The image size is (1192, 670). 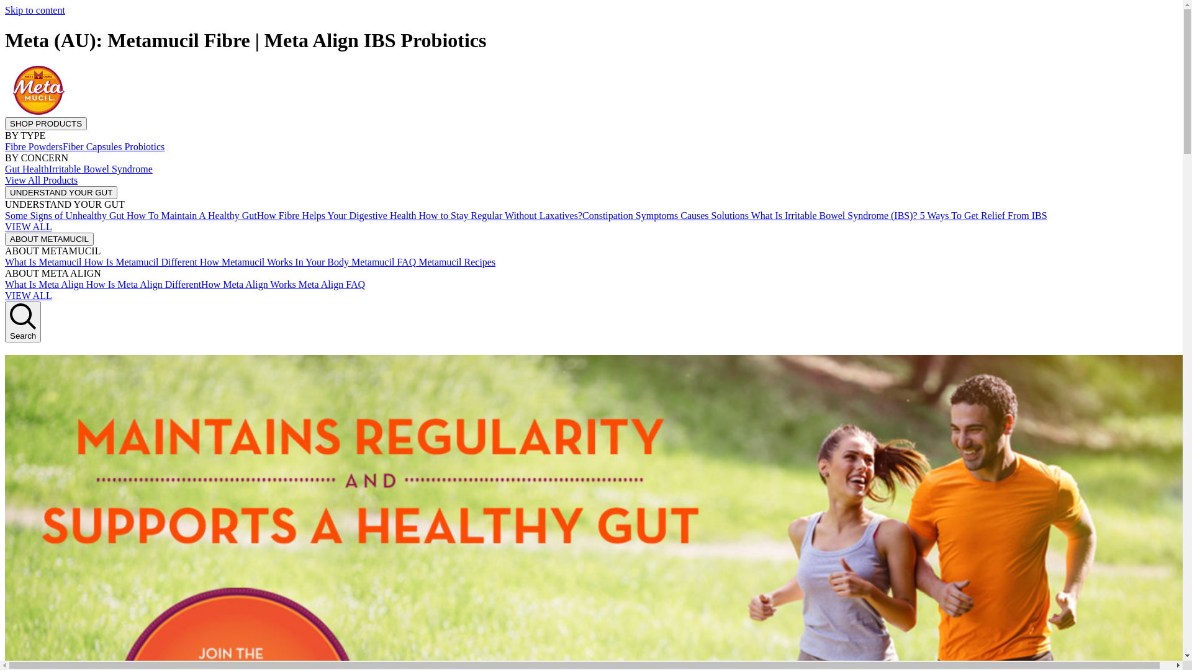 What do you see at coordinates (60, 192) in the screenshot?
I see `'UNDERSTAND YOUR GUT'` at bounding box center [60, 192].